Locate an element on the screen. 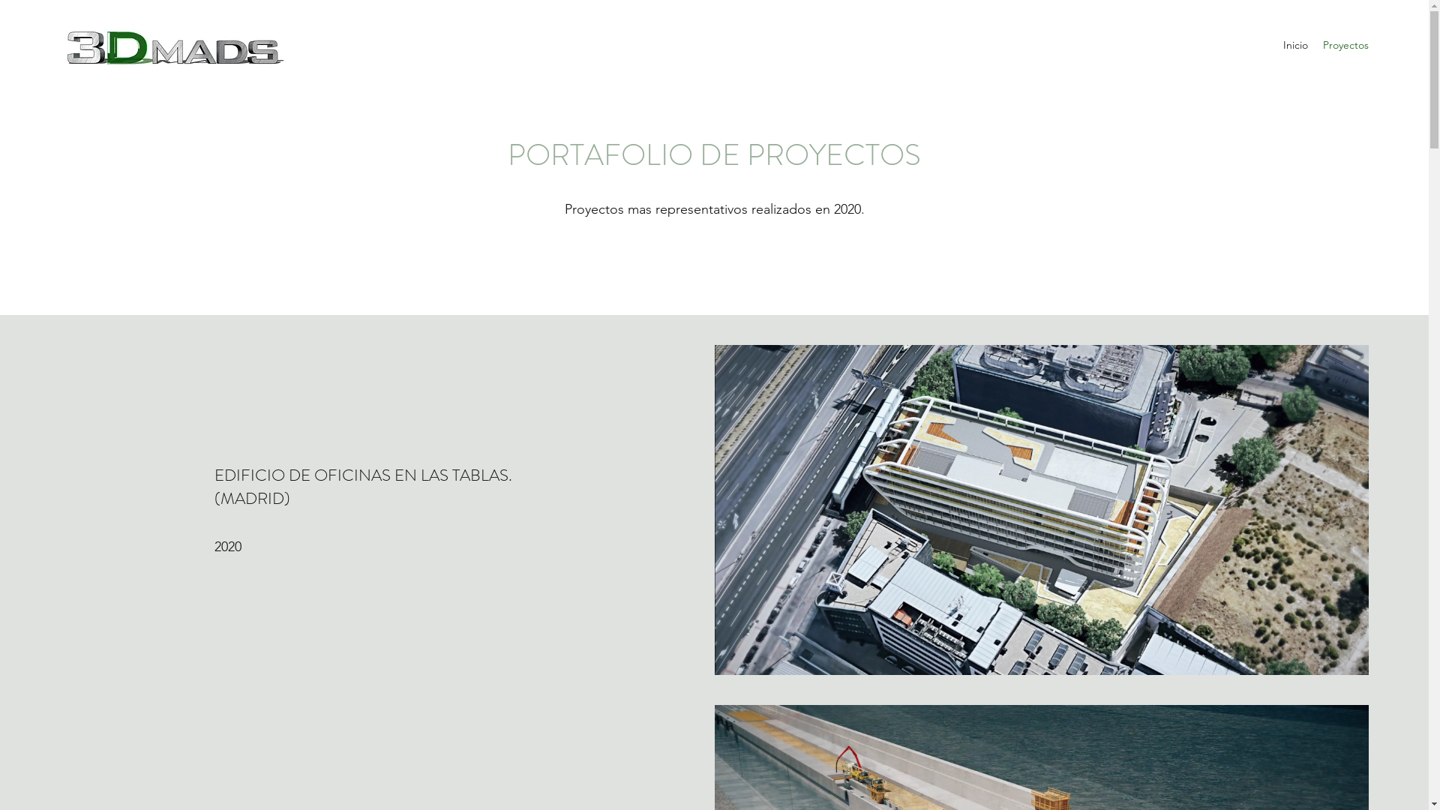 The image size is (1440, 810). 'Inicio' is located at coordinates (1294, 44).